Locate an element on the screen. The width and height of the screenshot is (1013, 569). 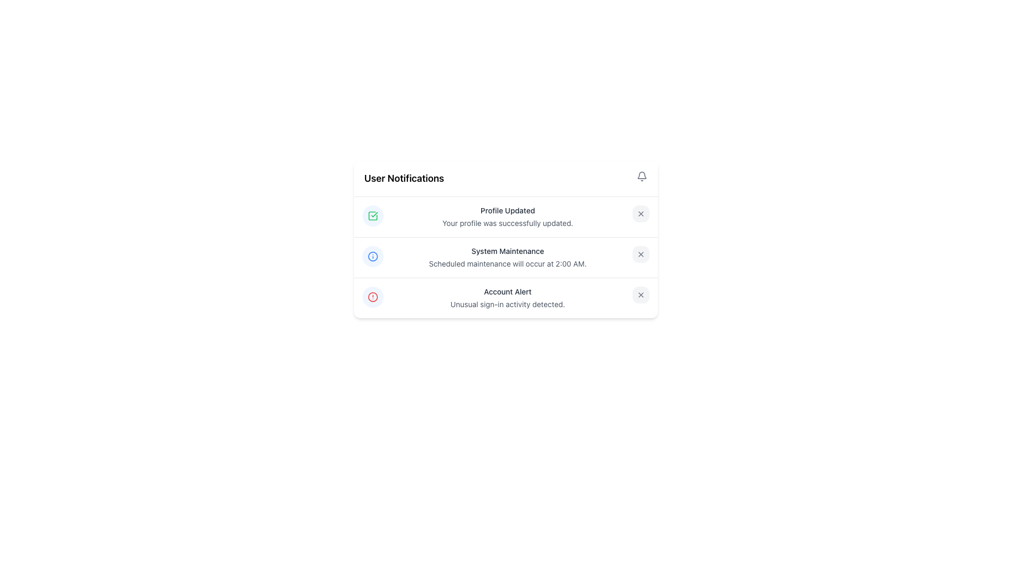
informational text block that indicates 'Profile Updated' and 'Your profile was successfully updated.' is located at coordinates (508, 217).